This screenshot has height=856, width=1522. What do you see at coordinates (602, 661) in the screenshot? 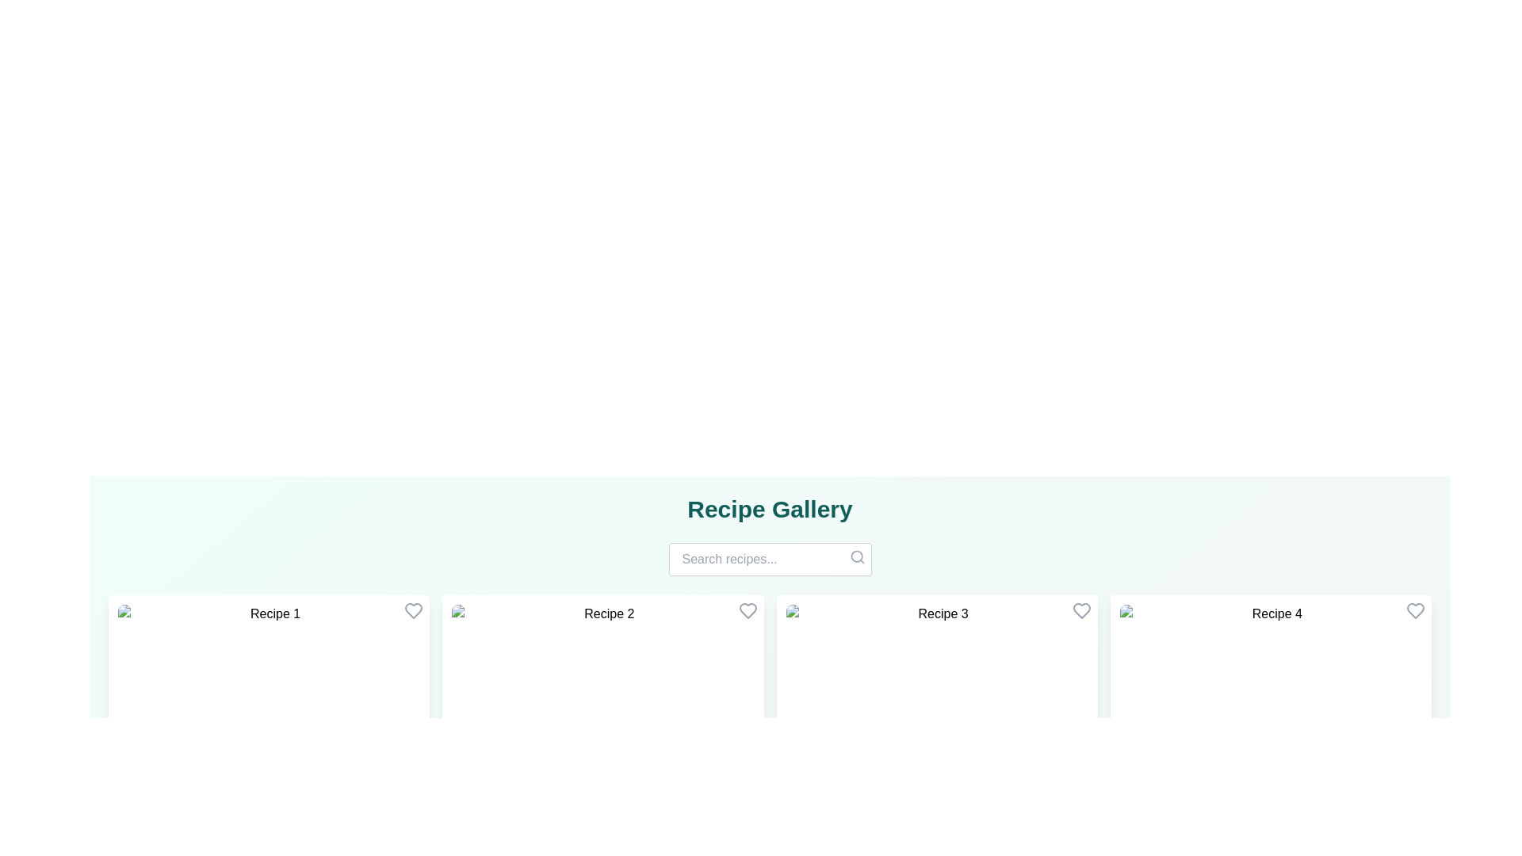
I see `the image element located at the top of the recipe card representing 'Recipe 2', which has a rectangular shape with rounded corners and displays a default layout` at bounding box center [602, 661].